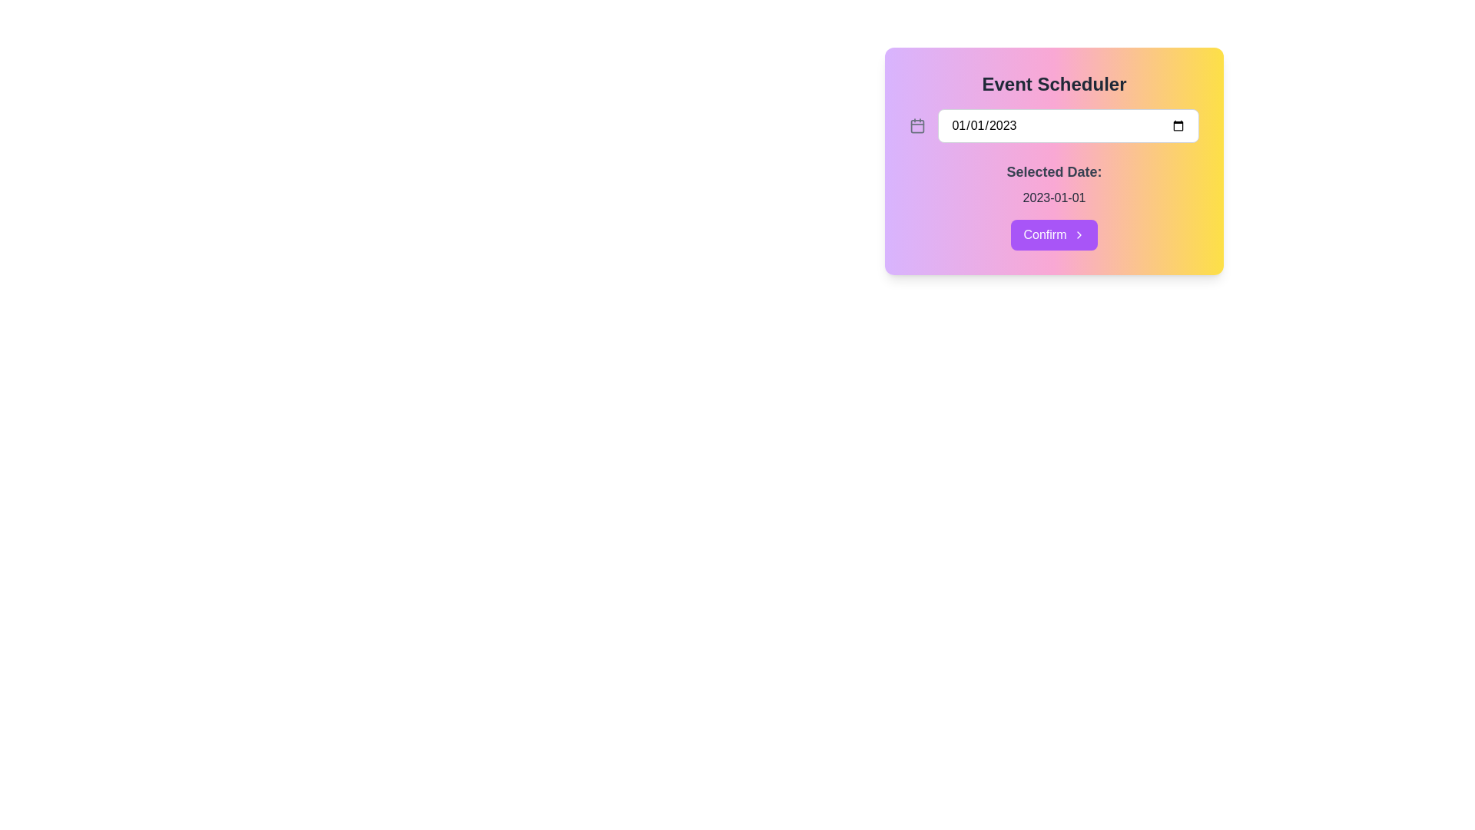 This screenshot has width=1475, height=830. What do you see at coordinates (1078, 234) in the screenshot?
I see `the chevron-style arrow icon located to the right of the 'Confirm' button, which is styled with a thin, outlined stroke design and matches the button's color` at bounding box center [1078, 234].